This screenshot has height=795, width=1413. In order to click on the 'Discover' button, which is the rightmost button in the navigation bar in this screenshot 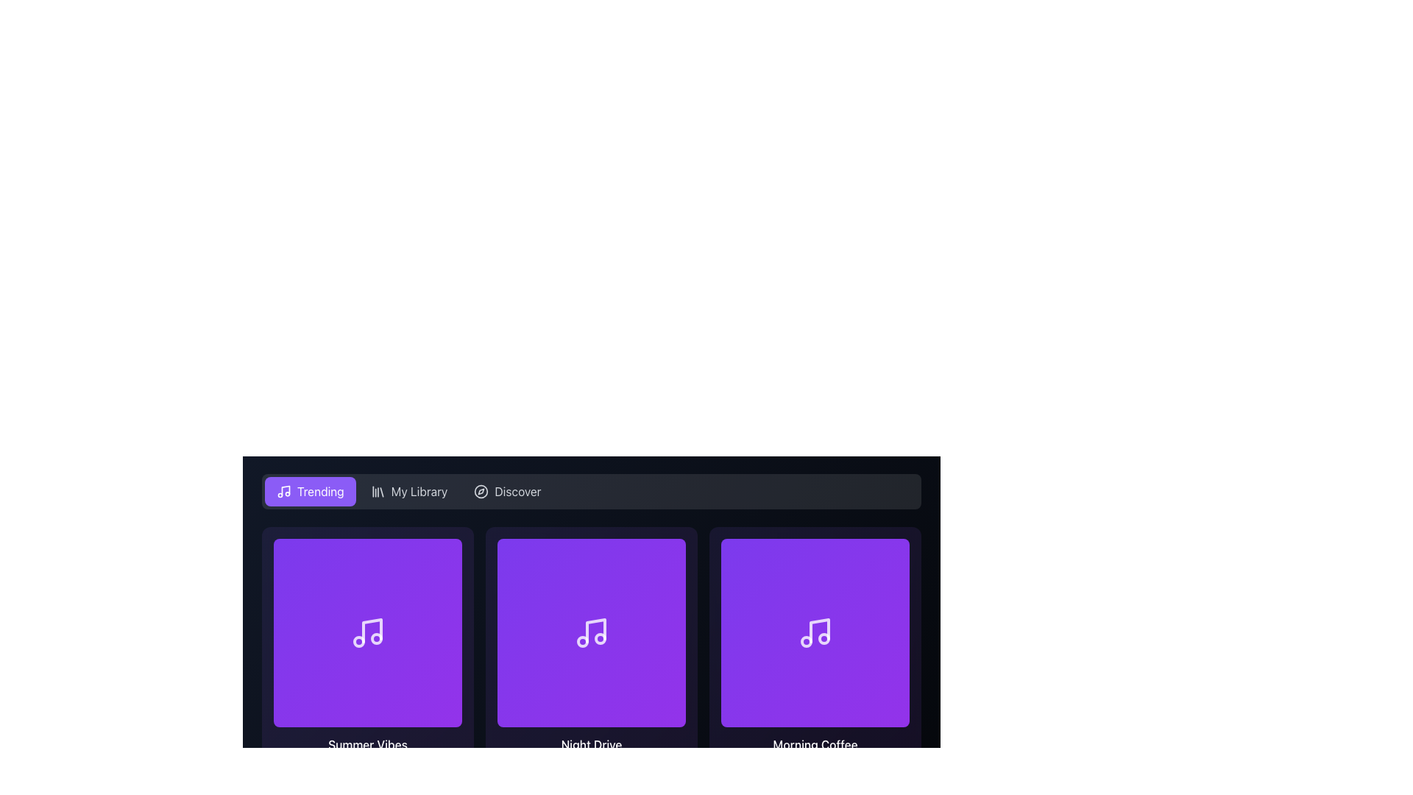, I will do `click(507, 491)`.